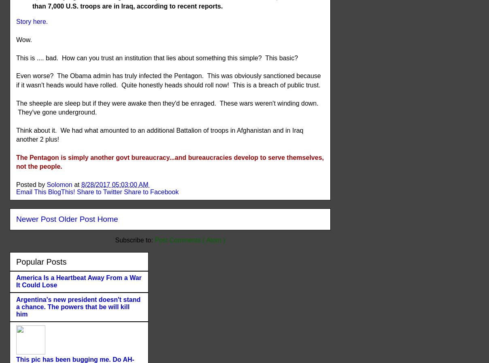  What do you see at coordinates (79, 281) in the screenshot?
I see `'America Is a Heartbeat Away From a War It Could Lose'` at bounding box center [79, 281].